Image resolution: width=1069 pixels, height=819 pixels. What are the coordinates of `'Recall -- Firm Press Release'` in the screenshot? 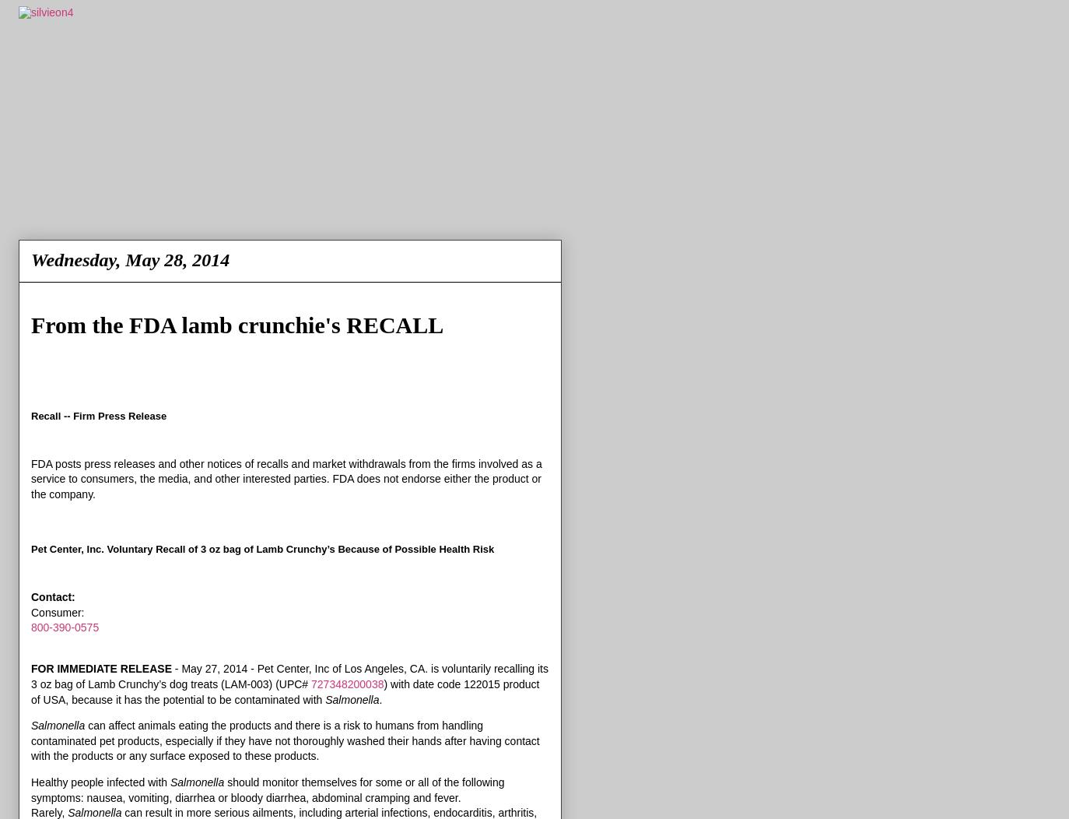 It's located at (97, 416).